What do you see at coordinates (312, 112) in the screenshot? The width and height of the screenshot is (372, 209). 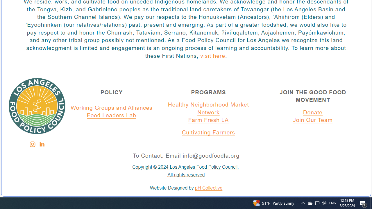 I see `'Donate'` at bounding box center [312, 112].